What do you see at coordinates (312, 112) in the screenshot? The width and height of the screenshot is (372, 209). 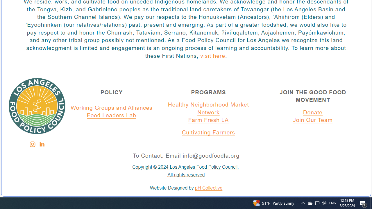 I see `'Donate'` at bounding box center [312, 112].